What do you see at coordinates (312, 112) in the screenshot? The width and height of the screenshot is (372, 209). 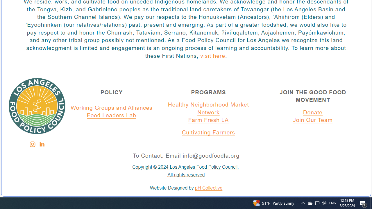 I see `'Donate'` at bounding box center [312, 112].